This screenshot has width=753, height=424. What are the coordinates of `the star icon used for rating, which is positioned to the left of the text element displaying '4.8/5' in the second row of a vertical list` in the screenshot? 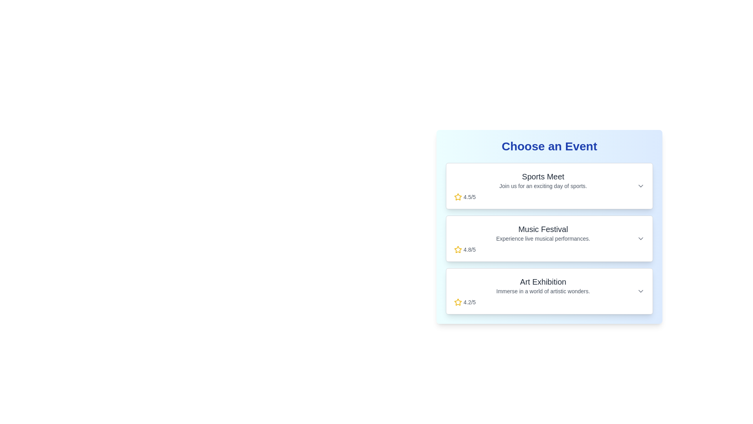 It's located at (458, 250).